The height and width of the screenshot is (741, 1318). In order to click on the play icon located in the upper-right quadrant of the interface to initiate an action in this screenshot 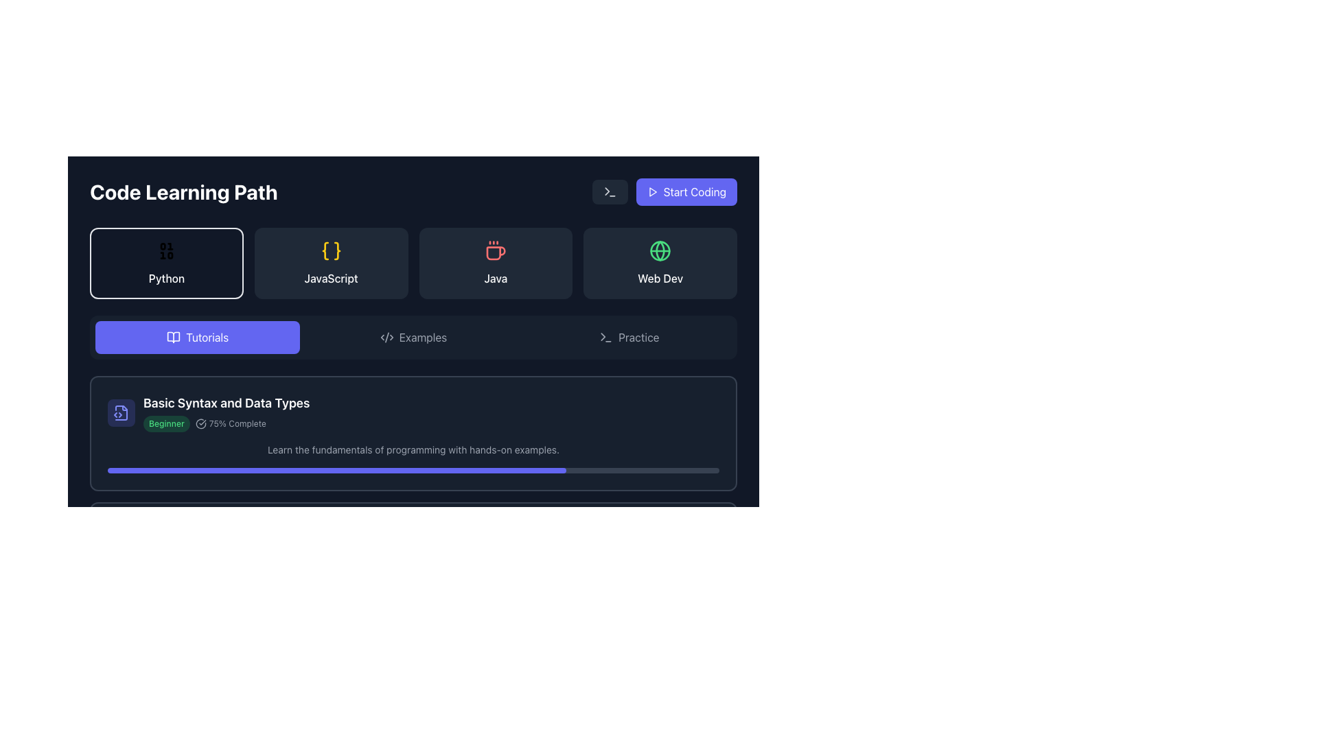, I will do `click(651, 192)`.